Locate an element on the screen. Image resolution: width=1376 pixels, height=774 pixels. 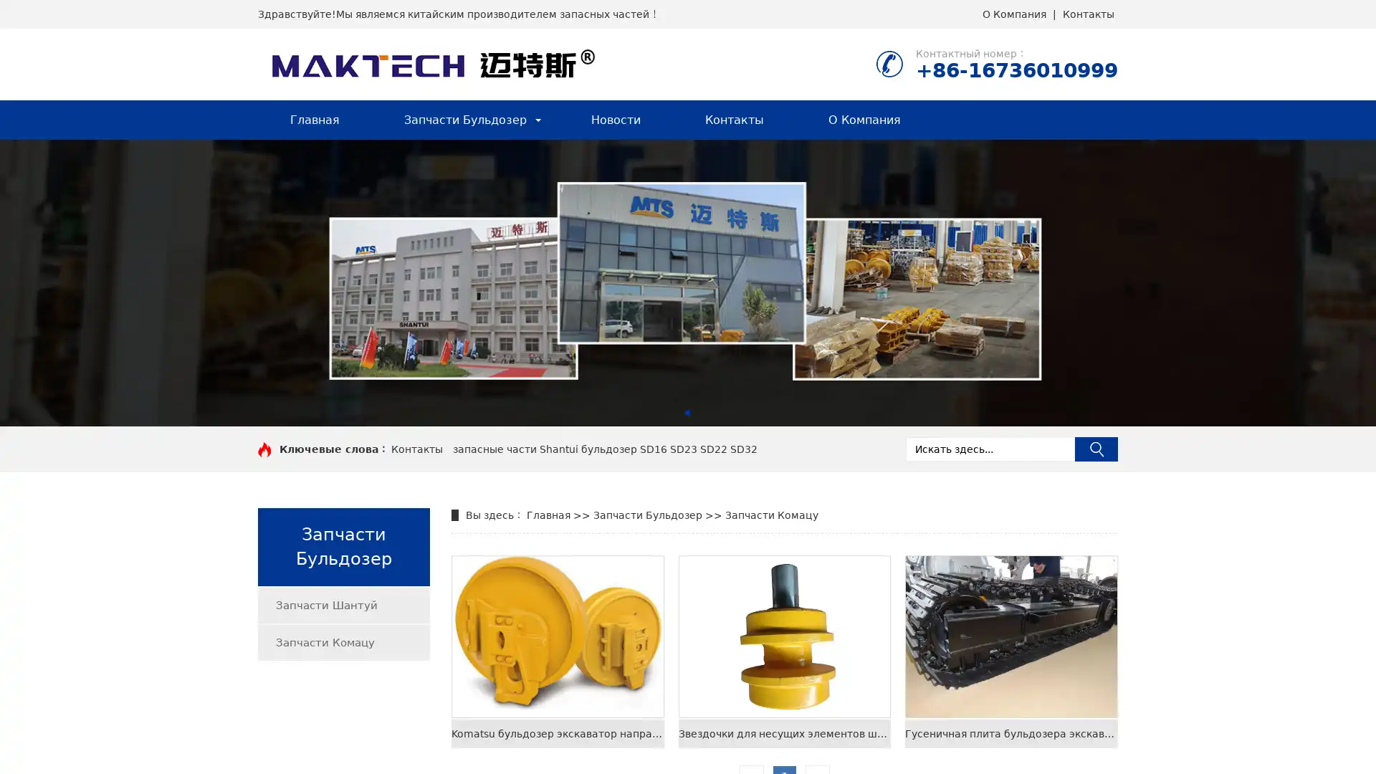
Go to slide 1 is located at coordinates (688, 412).